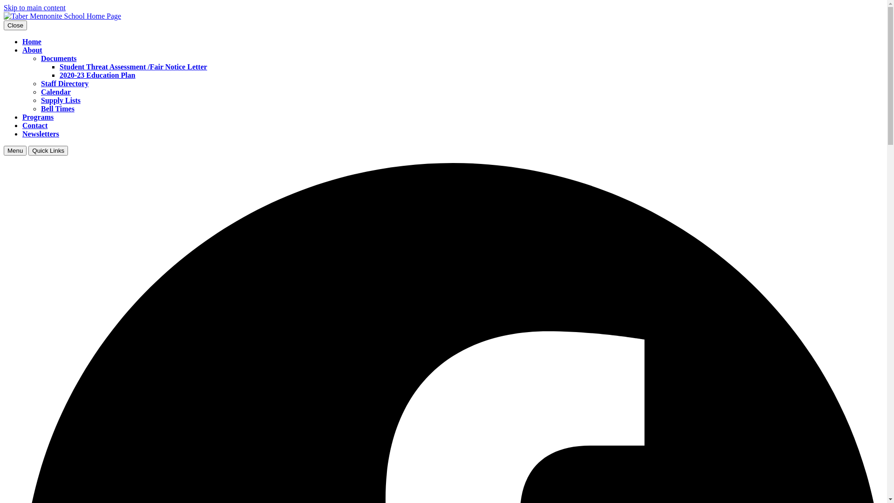  What do you see at coordinates (22, 50) in the screenshot?
I see `'About'` at bounding box center [22, 50].